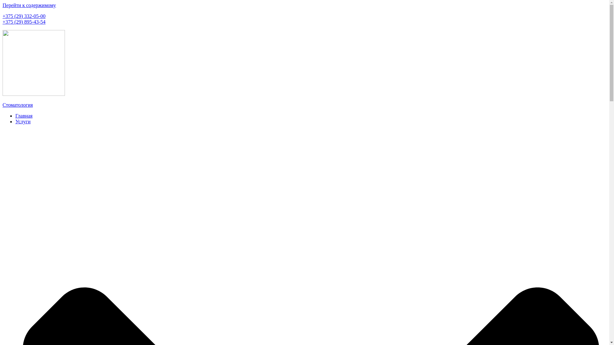  Describe the element at coordinates (24, 16) in the screenshot. I see `'+375 (29) 332-05-00'` at that location.